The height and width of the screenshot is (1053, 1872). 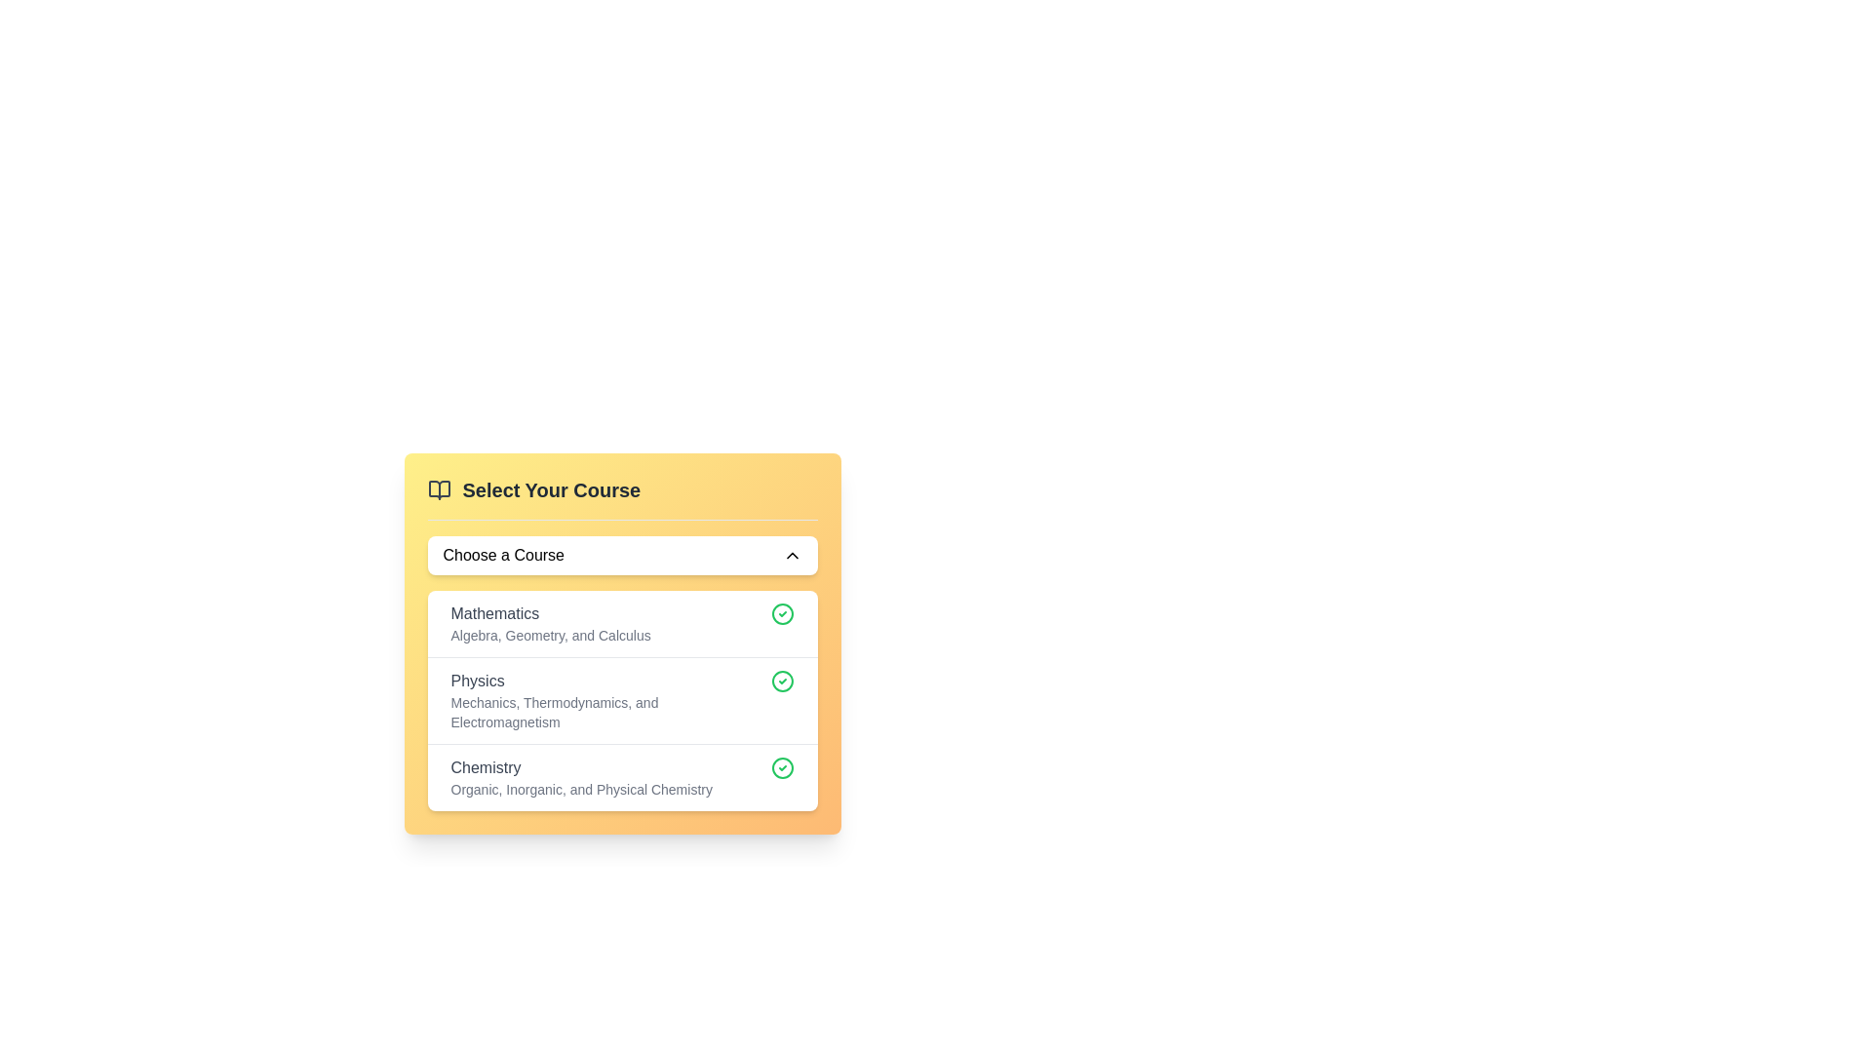 What do you see at coordinates (782, 680) in the screenshot?
I see `the success confirmation icon located to the far right of the 'Chemistry' entry in the course selection list` at bounding box center [782, 680].